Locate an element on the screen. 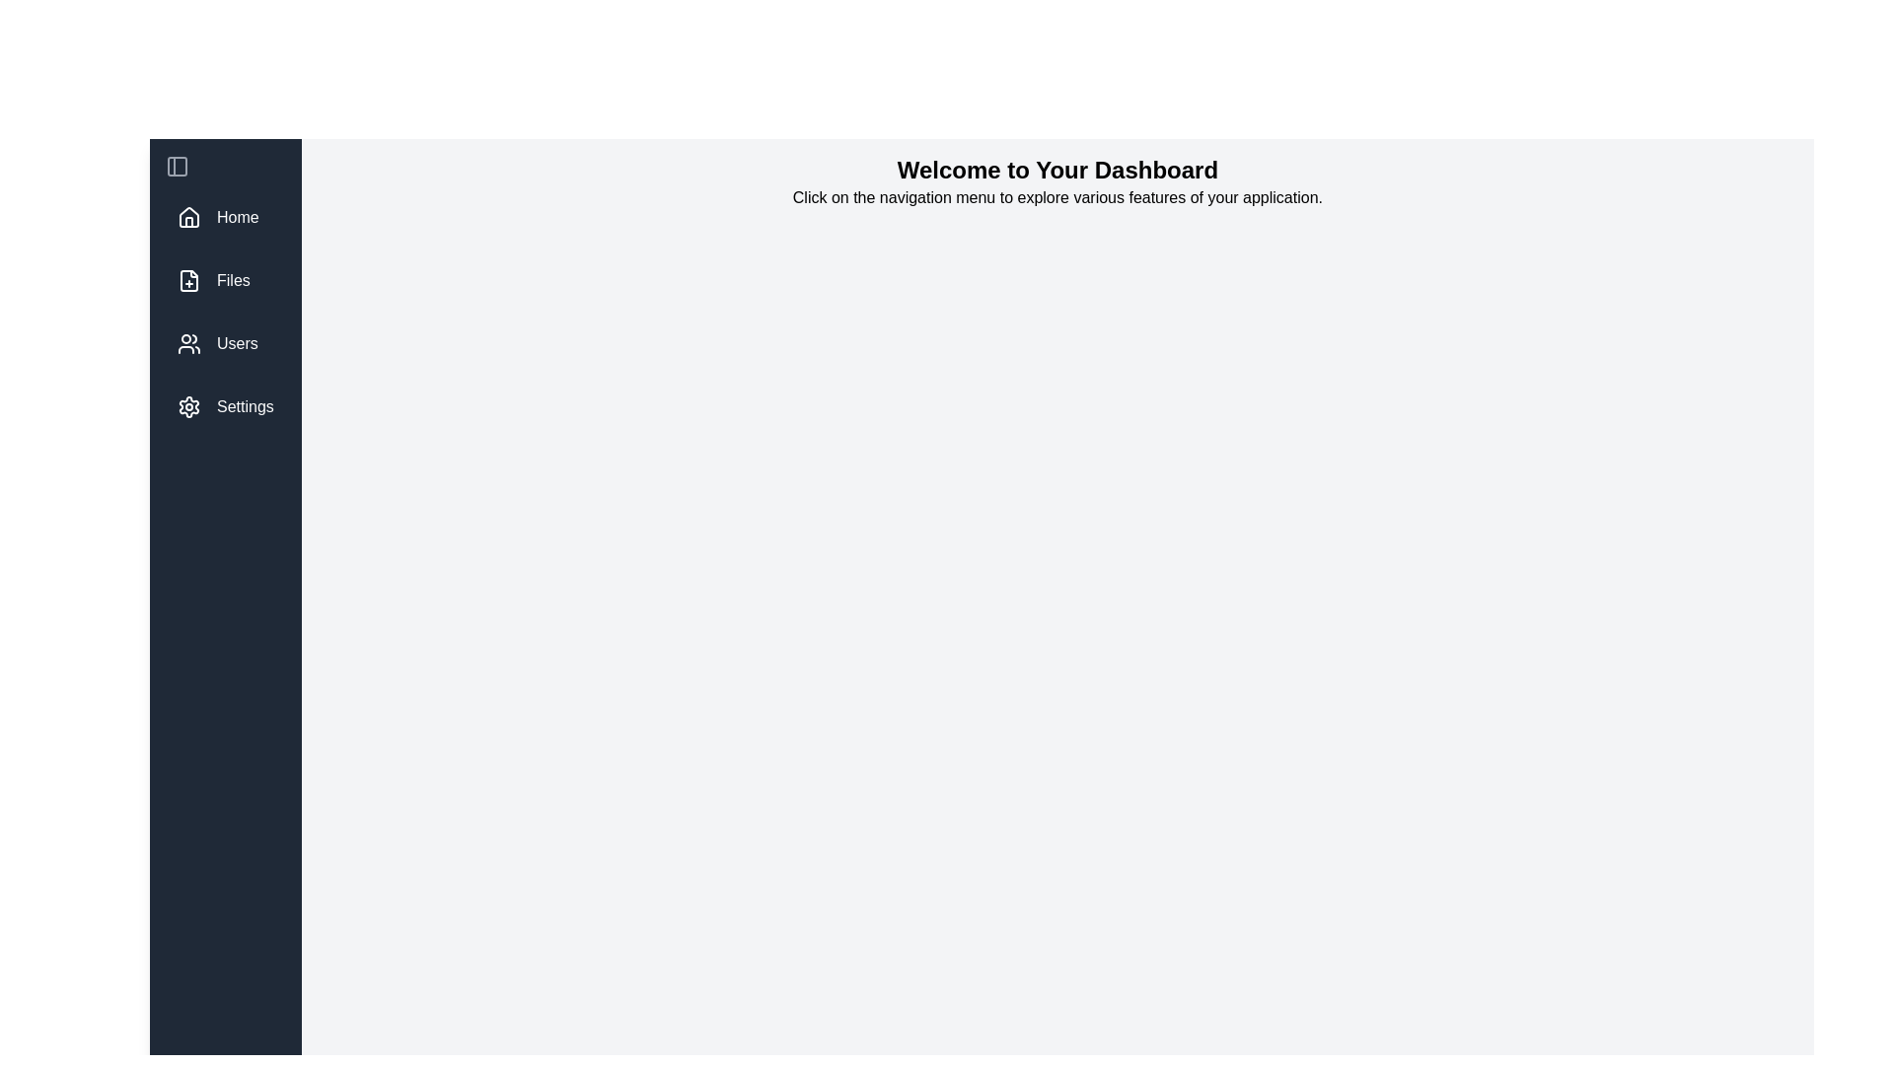 This screenshot has height=1065, width=1894. the small icon button located at the upper part of the vertically-aligned sidebar, which features a gray icon styled as a panel with a vertical split is located at coordinates (178, 166).